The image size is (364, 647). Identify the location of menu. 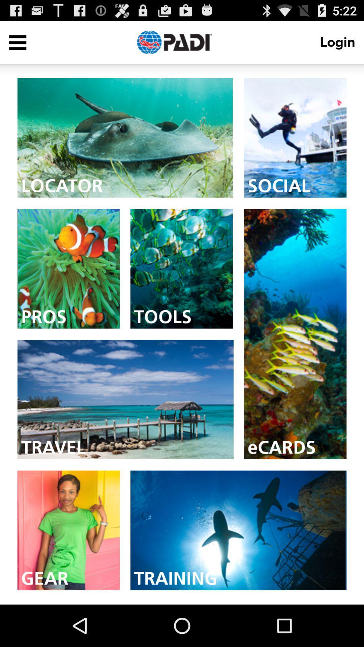
(17, 42).